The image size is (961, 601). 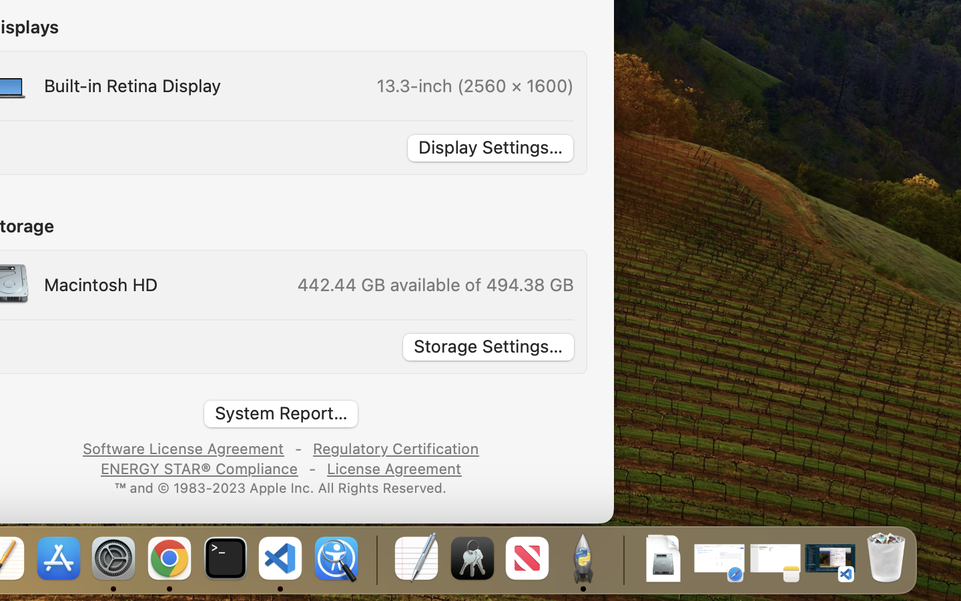 I want to click on 'Software License Agreement', so click(x=183, y=447).